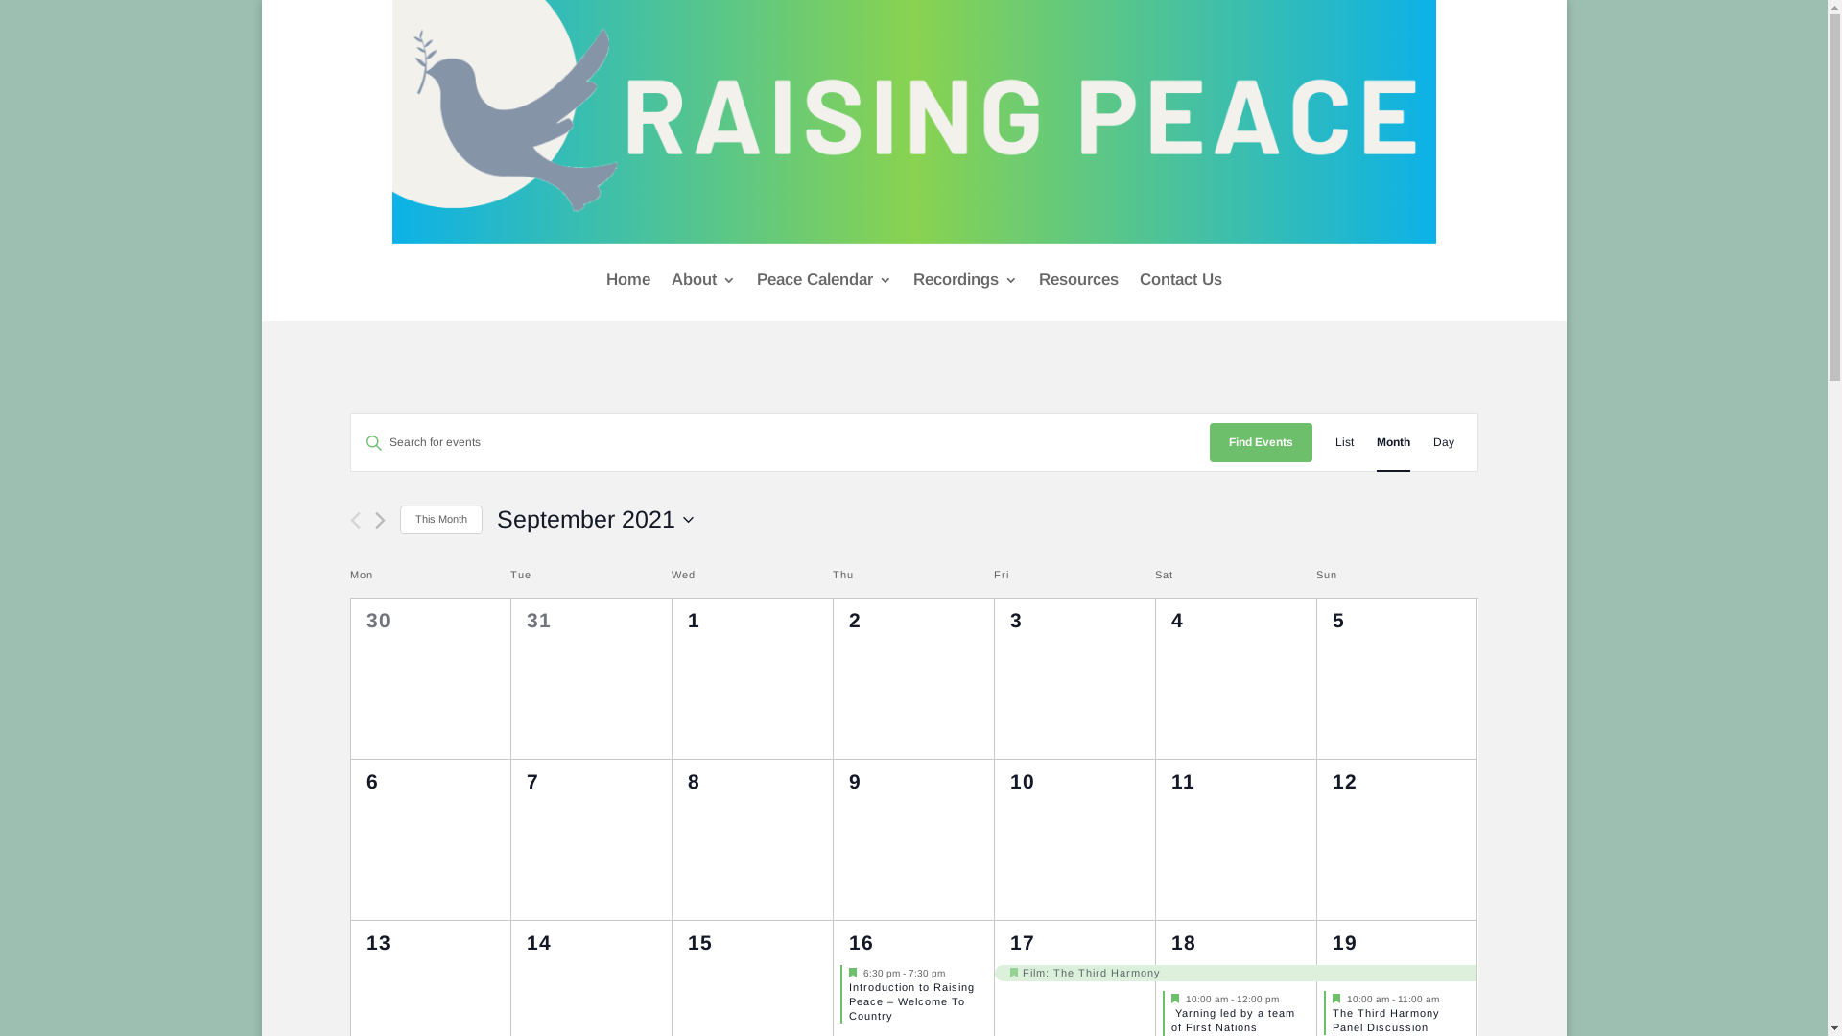  Describe the element at coordinates (1444, 442) in the screenshot. I see `'Day'` at that location.